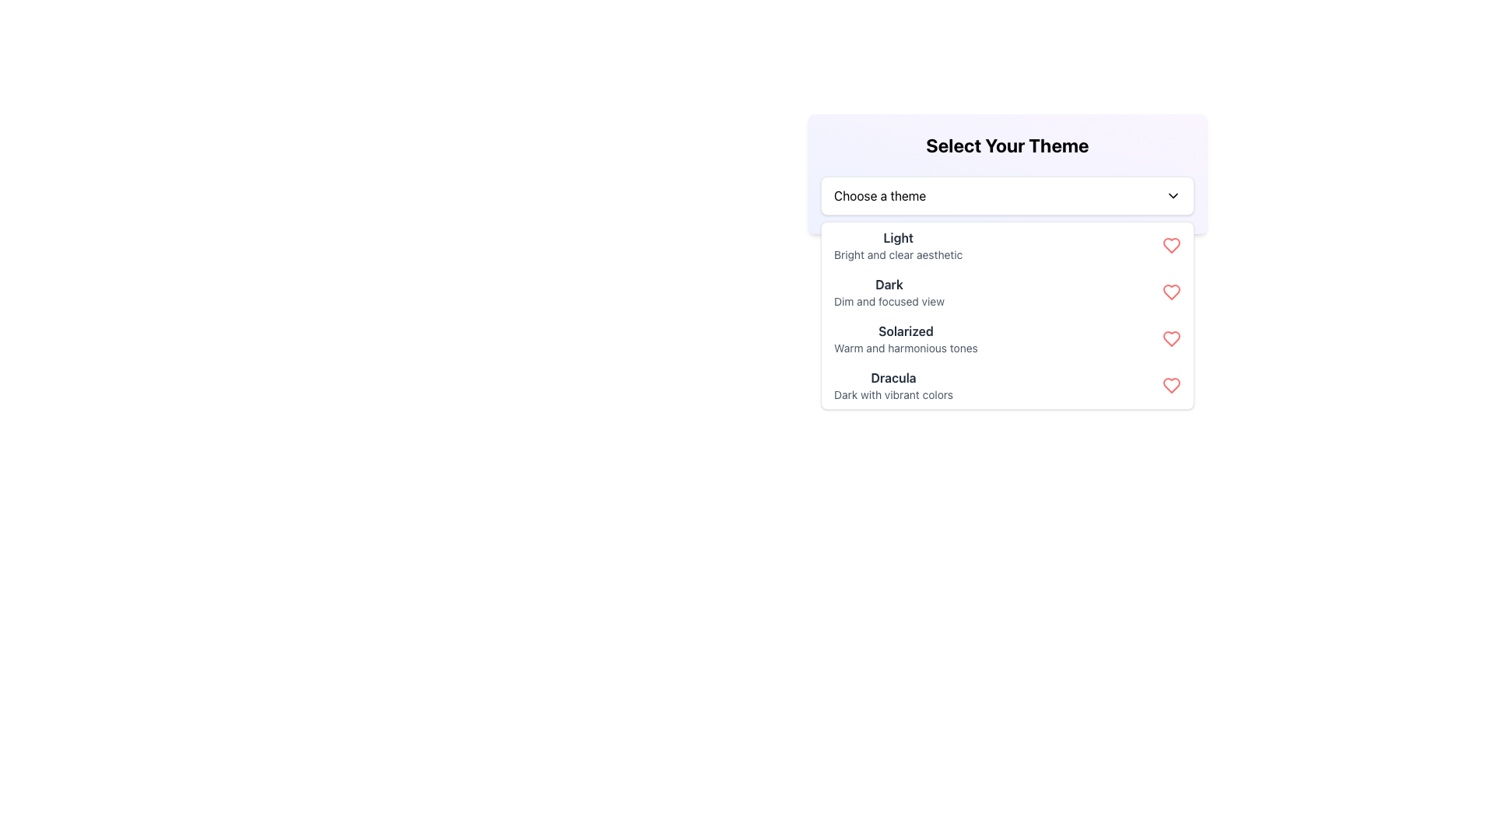 The image size is (1494, 840). I want to click on the third list item titled 'Solarized' with the subtitle 'Warm and harmonious tones', so click(1008, 338).